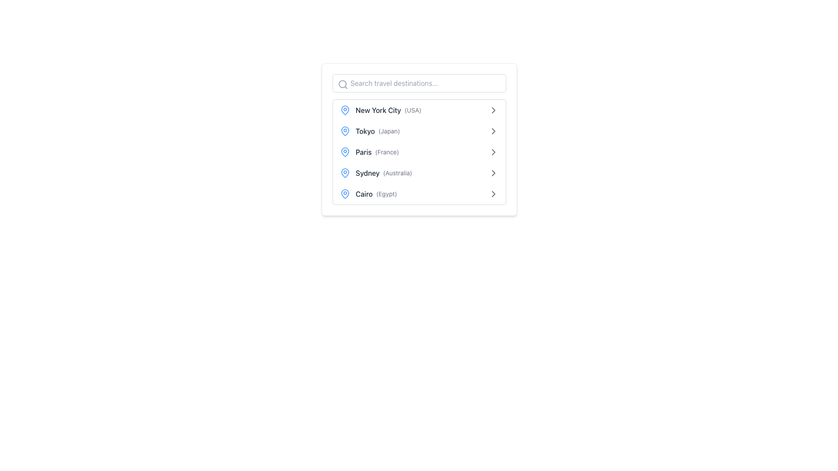 The height and width of the screenshot is (471, 838). I want to click on the text label indicating the country 'France' that is located to the right of the city label 'Paris' in the vertical list of city and country names, so click(387, 151).